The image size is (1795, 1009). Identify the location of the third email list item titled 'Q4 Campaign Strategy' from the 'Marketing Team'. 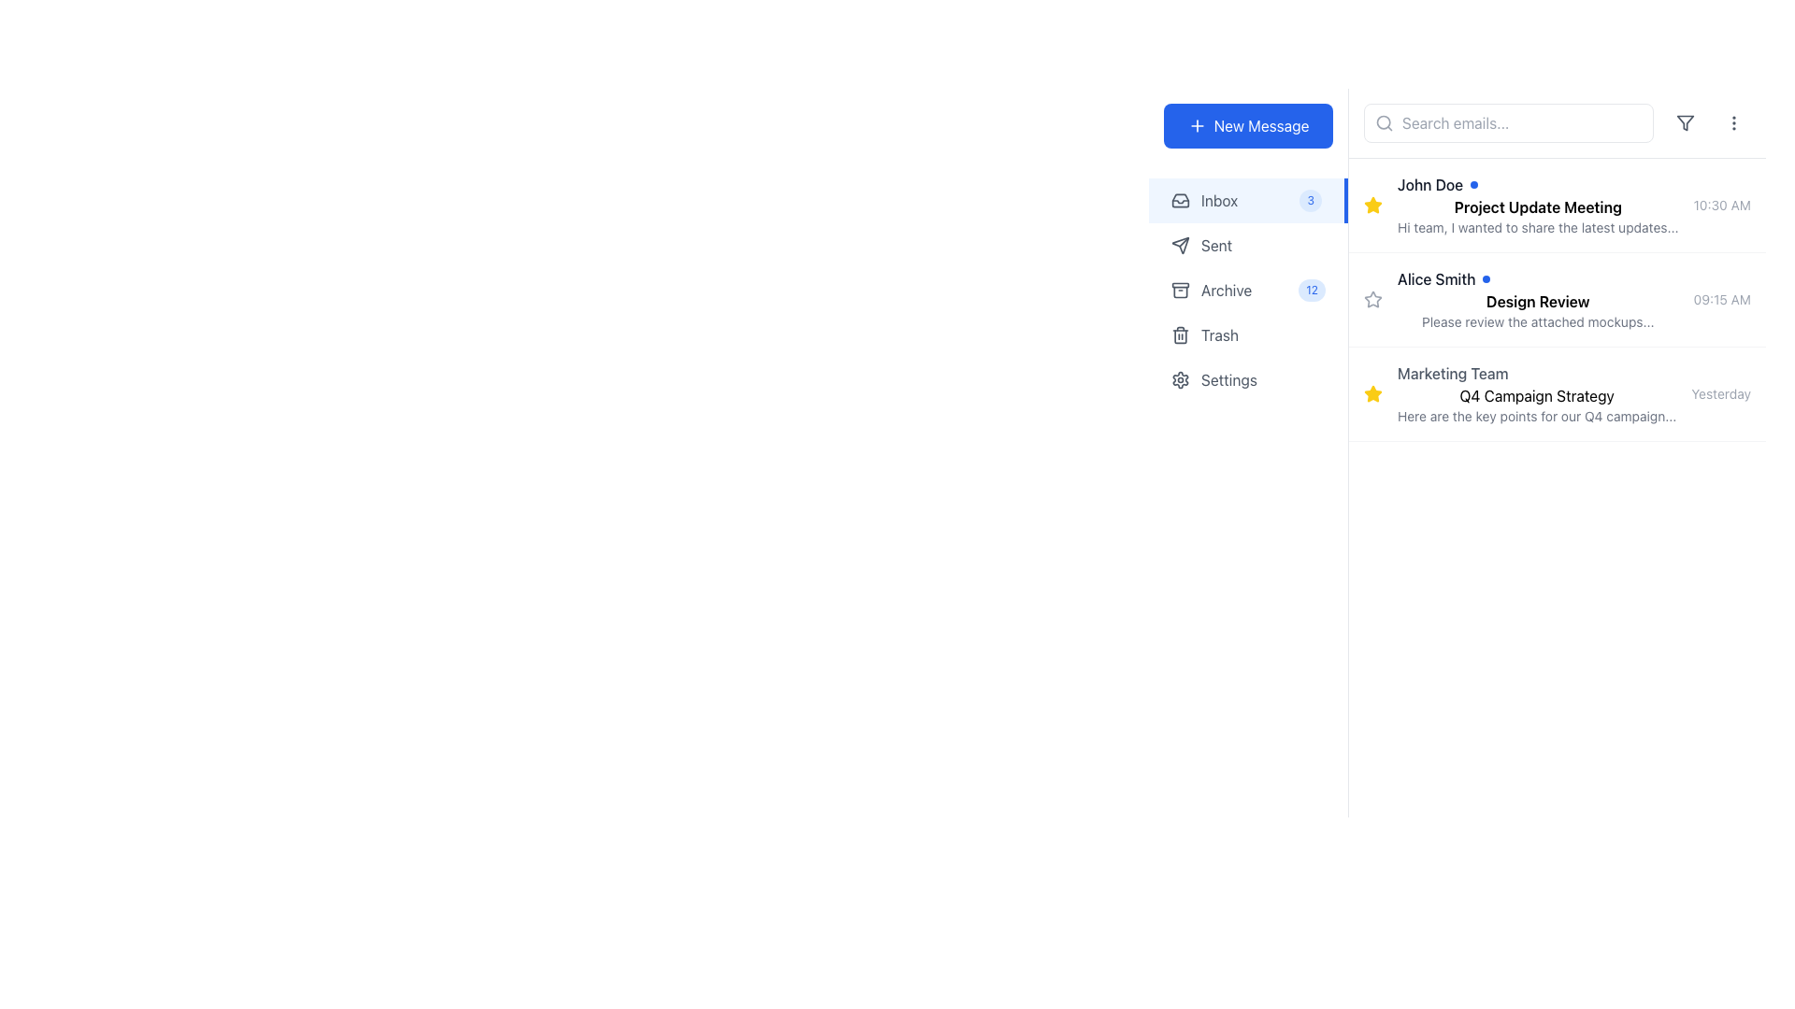
(1557, 393).